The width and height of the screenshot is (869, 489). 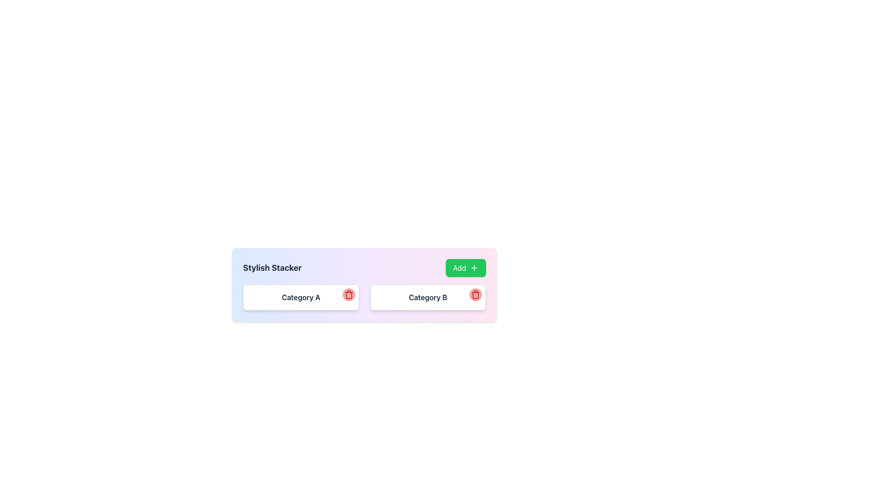 What do you see at coordinates (301, 297) in the screenshot?
I see `text of the Static Text element that serves as the category label for the associated group, located in the first rectangular section to the left of the trashcan icon` at bounding box center [301, 297].